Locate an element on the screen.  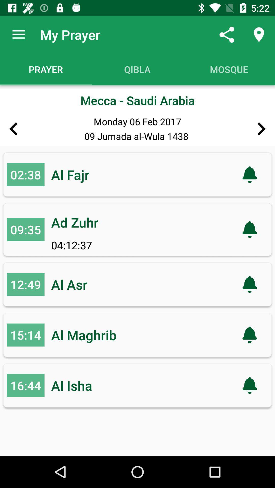
09:35 item is located at coordinates (25, 229).